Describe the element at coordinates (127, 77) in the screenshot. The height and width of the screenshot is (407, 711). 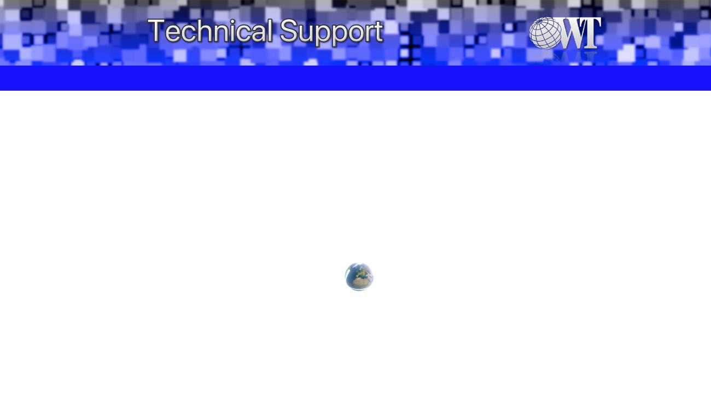
I see `'Reference'` at that location.